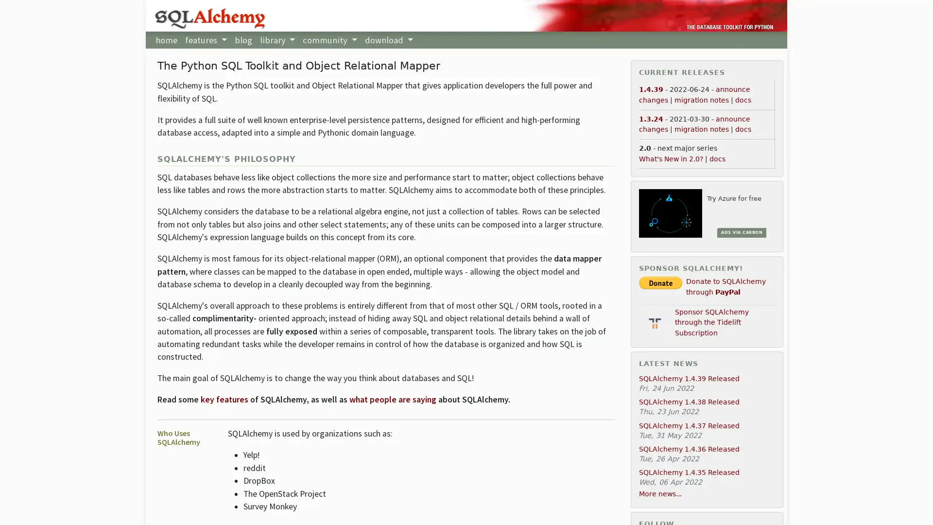  Describe the element at coordinates (329, 39) in the screenshot. I see `community` at that location.